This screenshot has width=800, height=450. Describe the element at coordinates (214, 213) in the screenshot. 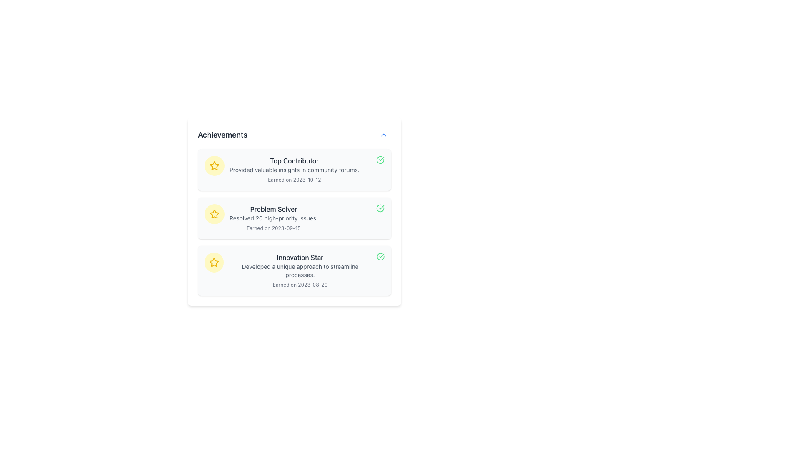

I see `the circular icon with a yellow background and star icon, located to the left of the 'Problem Solver' text in the achievement card` at that location.